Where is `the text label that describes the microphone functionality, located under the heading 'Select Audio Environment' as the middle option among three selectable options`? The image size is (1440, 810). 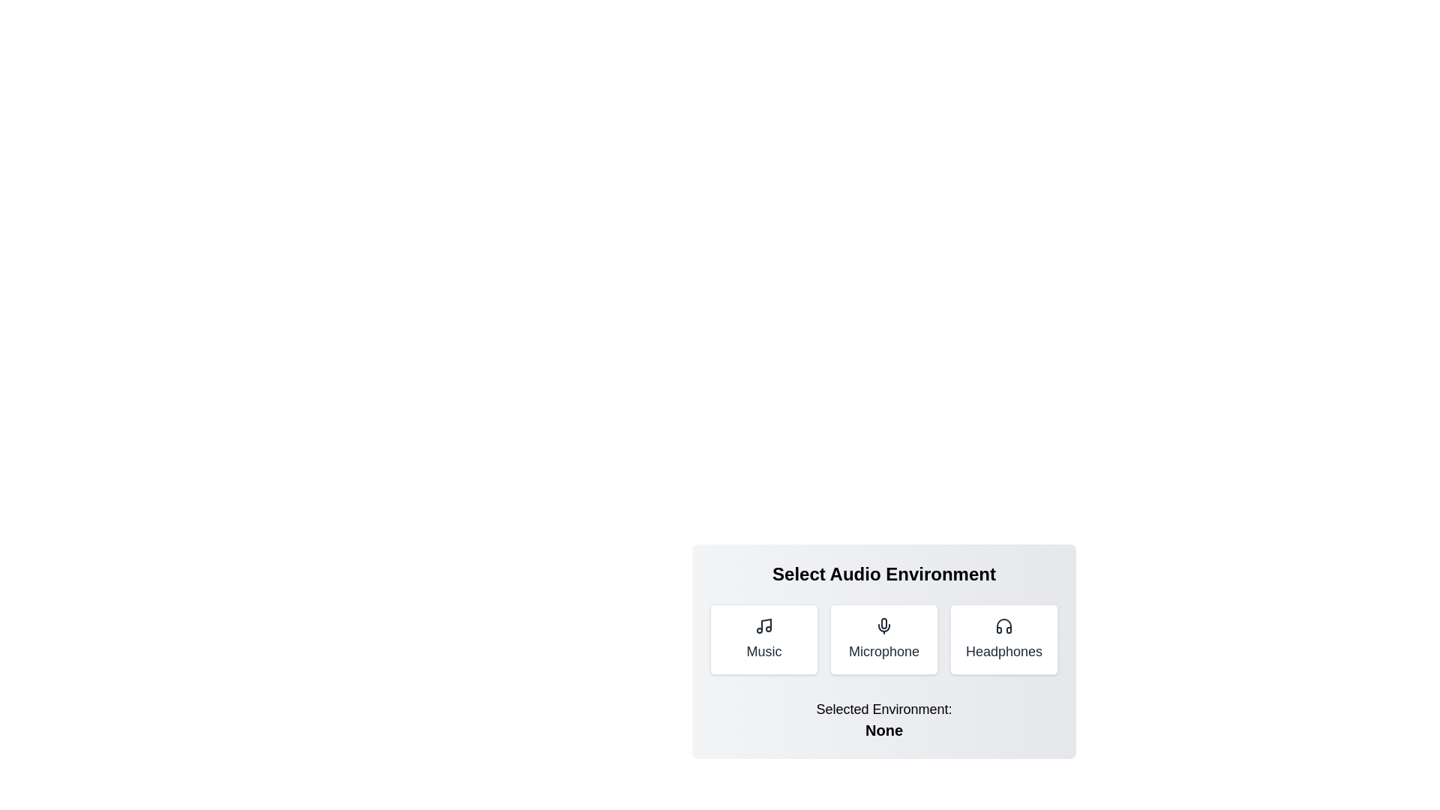 the text label that describes the microphone functionality, located under the heading 'Select Audio Environment' as the middle option among three selectable options is located at coordinates (884, 650).